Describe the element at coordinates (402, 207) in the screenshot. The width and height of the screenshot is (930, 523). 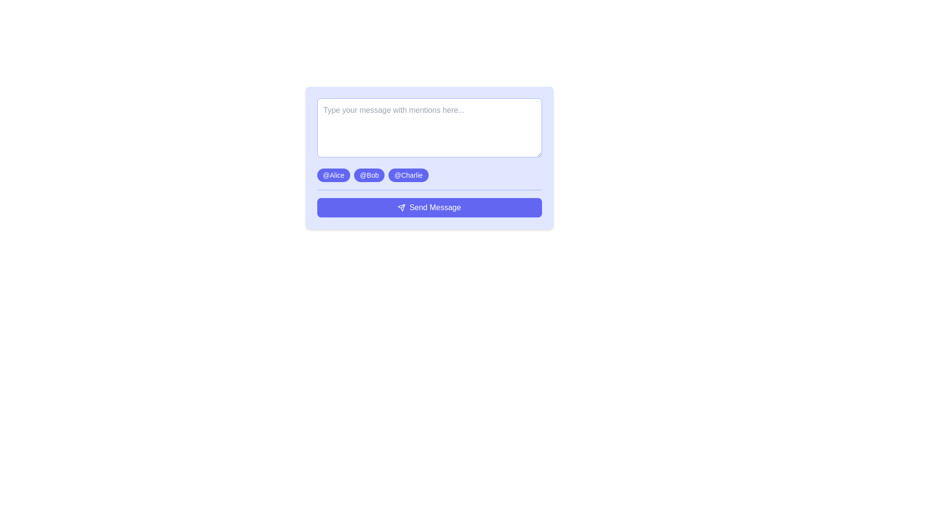
I see `the message sending icon located to the left of the 'Send Message' button` at that location.